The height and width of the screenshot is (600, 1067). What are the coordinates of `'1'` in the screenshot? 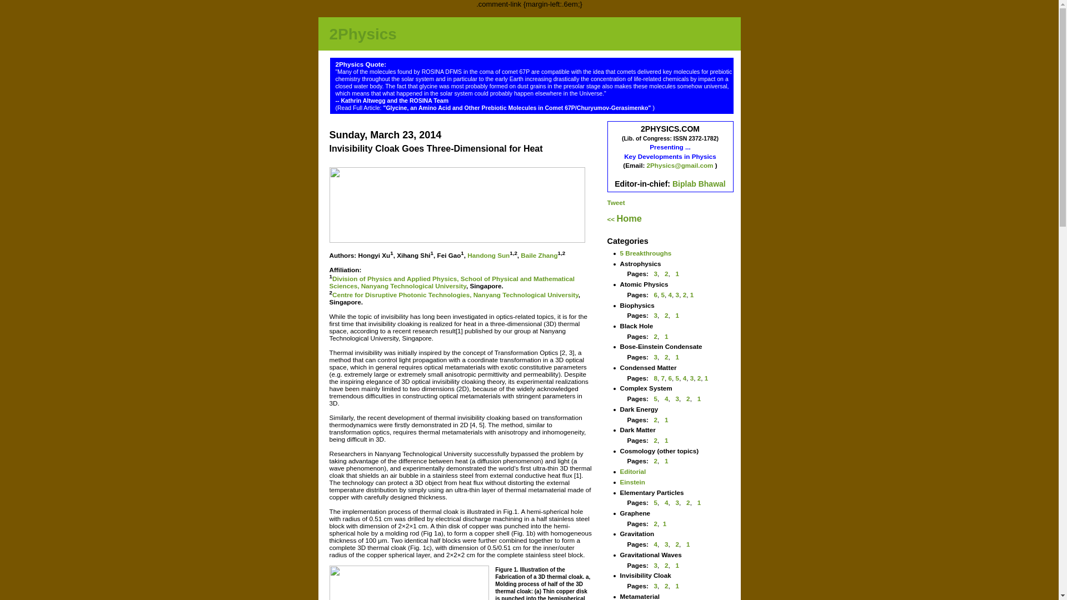 It's located at (664, 419).